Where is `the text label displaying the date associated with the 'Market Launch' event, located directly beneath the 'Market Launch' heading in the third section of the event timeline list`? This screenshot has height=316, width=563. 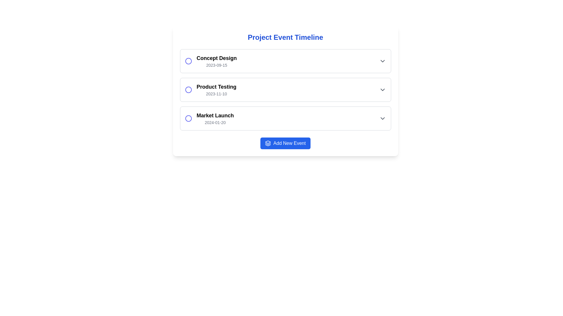 the text label displaying the date associated with the 'Market Launch' event, located directly beneath the 'Market Launch' heading in the third section of the event timeline list is located at coordinates (215, 122).